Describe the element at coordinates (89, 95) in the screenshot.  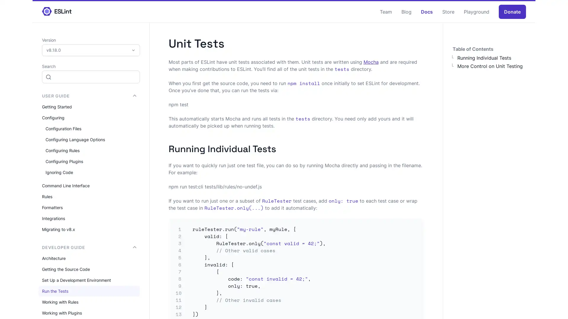
I see `USER GUIDE` at that location.